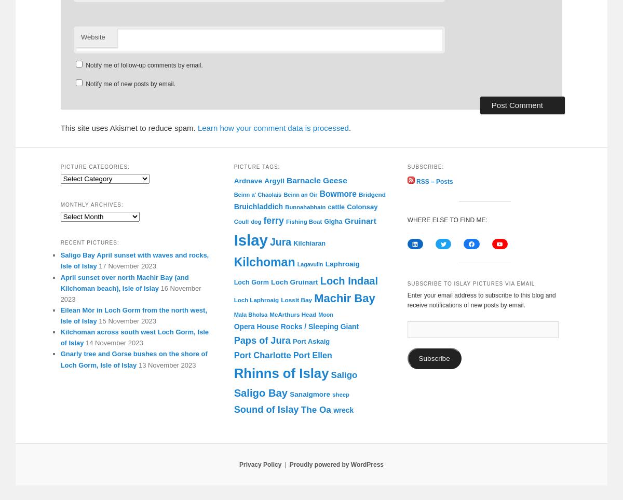 The width and height of the screenshot is (623, 500). Describe the element at coordinates (133, 315) in the screenshot. I see `'Eilean Mòr in Loch Gorm from the north west, Isle of Islay'` at that location.